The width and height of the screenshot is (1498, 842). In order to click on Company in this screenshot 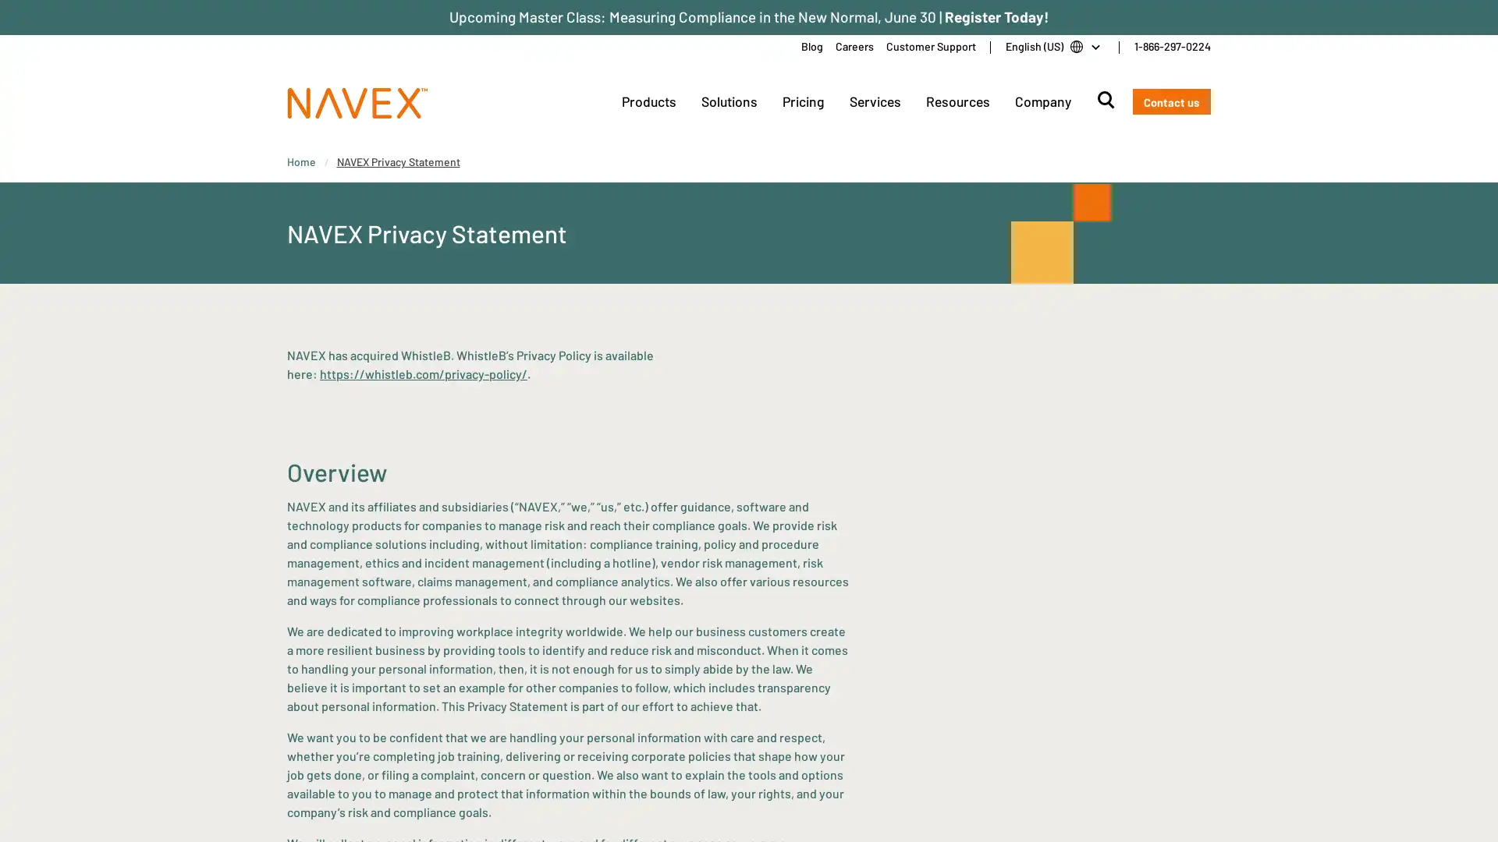, I will do `click(1042, 101)`.